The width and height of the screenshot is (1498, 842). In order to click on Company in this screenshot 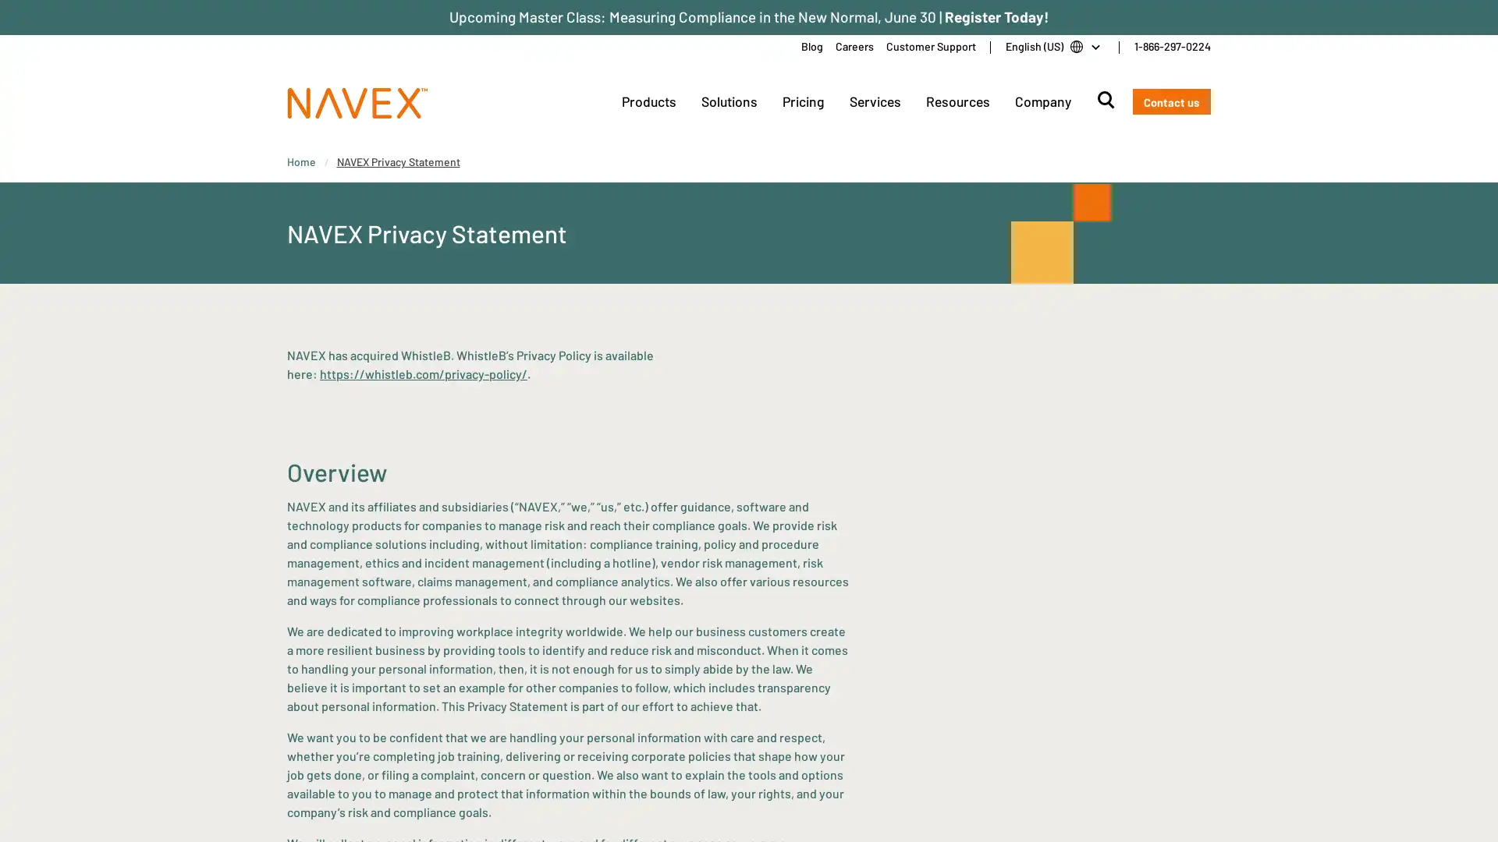, I will do `click(1042, 101)`.